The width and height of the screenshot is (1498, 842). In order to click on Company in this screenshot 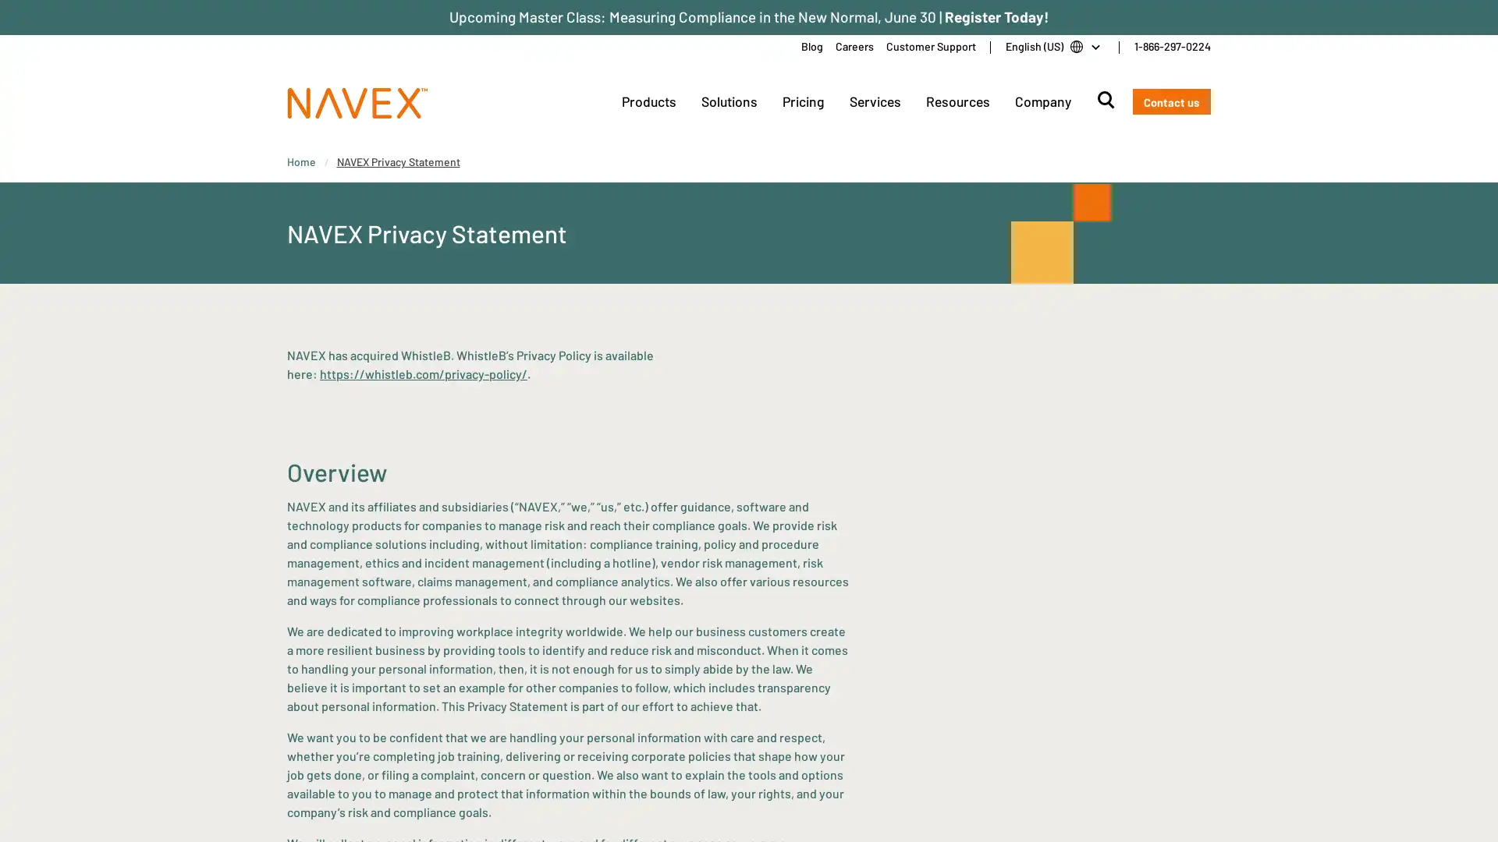, I will do `click(1042, 101)`.